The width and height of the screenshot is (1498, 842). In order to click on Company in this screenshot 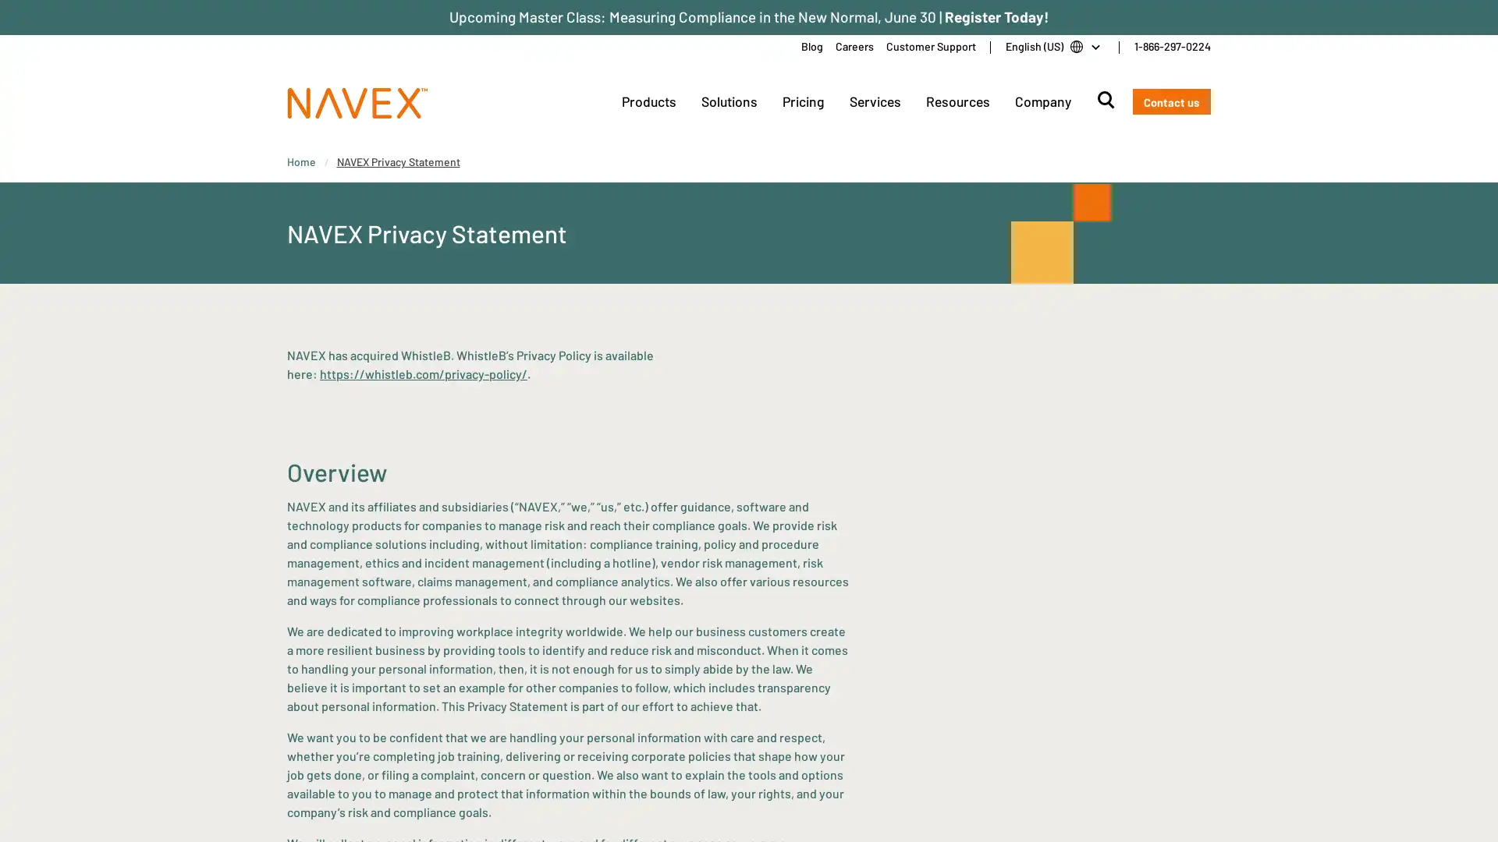, I will do `click(1042, 101)`.